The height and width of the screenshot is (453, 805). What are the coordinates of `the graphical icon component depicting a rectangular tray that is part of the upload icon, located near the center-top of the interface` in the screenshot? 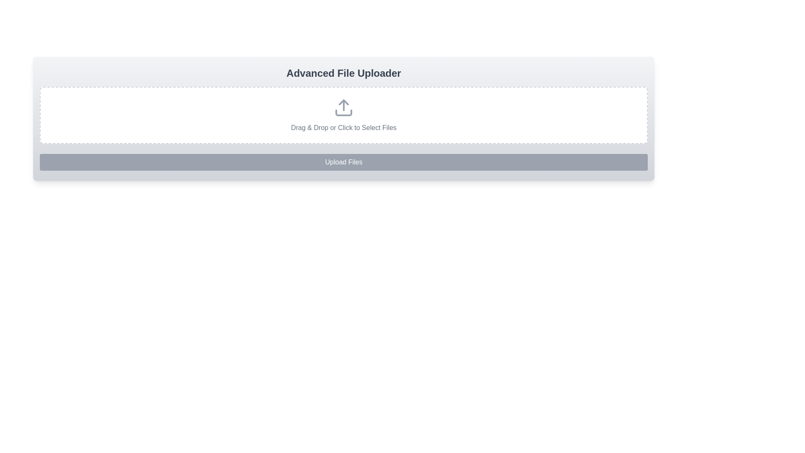 It's located at (344, 112).